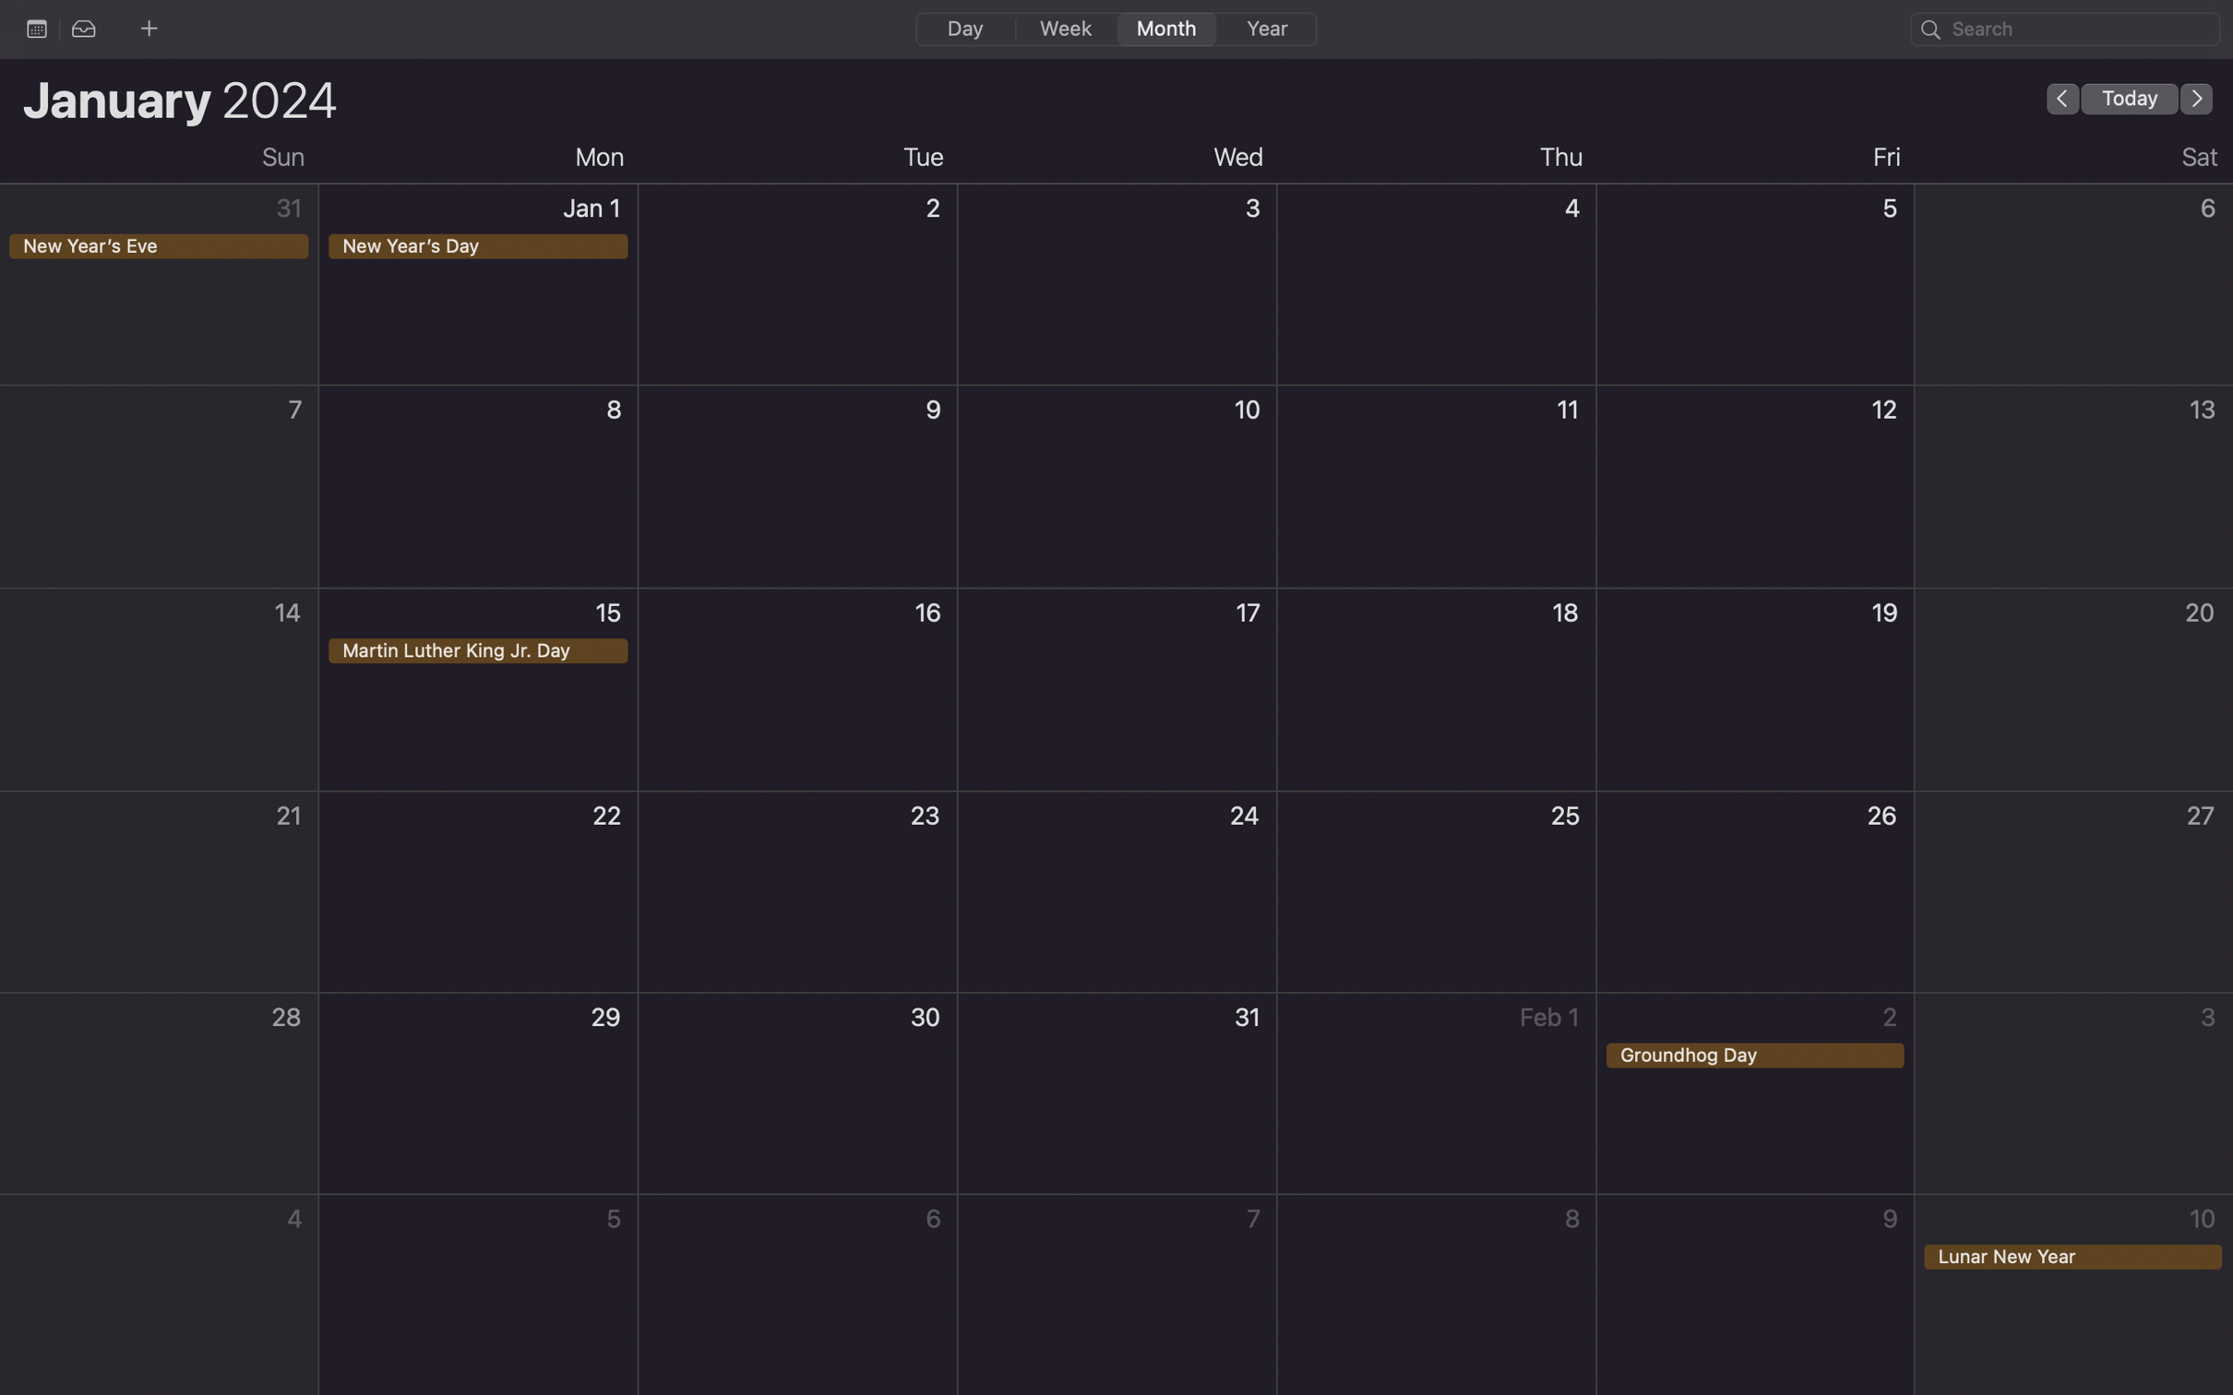  I want to click on Schedule an event on 22nd January, so click(478, 892).